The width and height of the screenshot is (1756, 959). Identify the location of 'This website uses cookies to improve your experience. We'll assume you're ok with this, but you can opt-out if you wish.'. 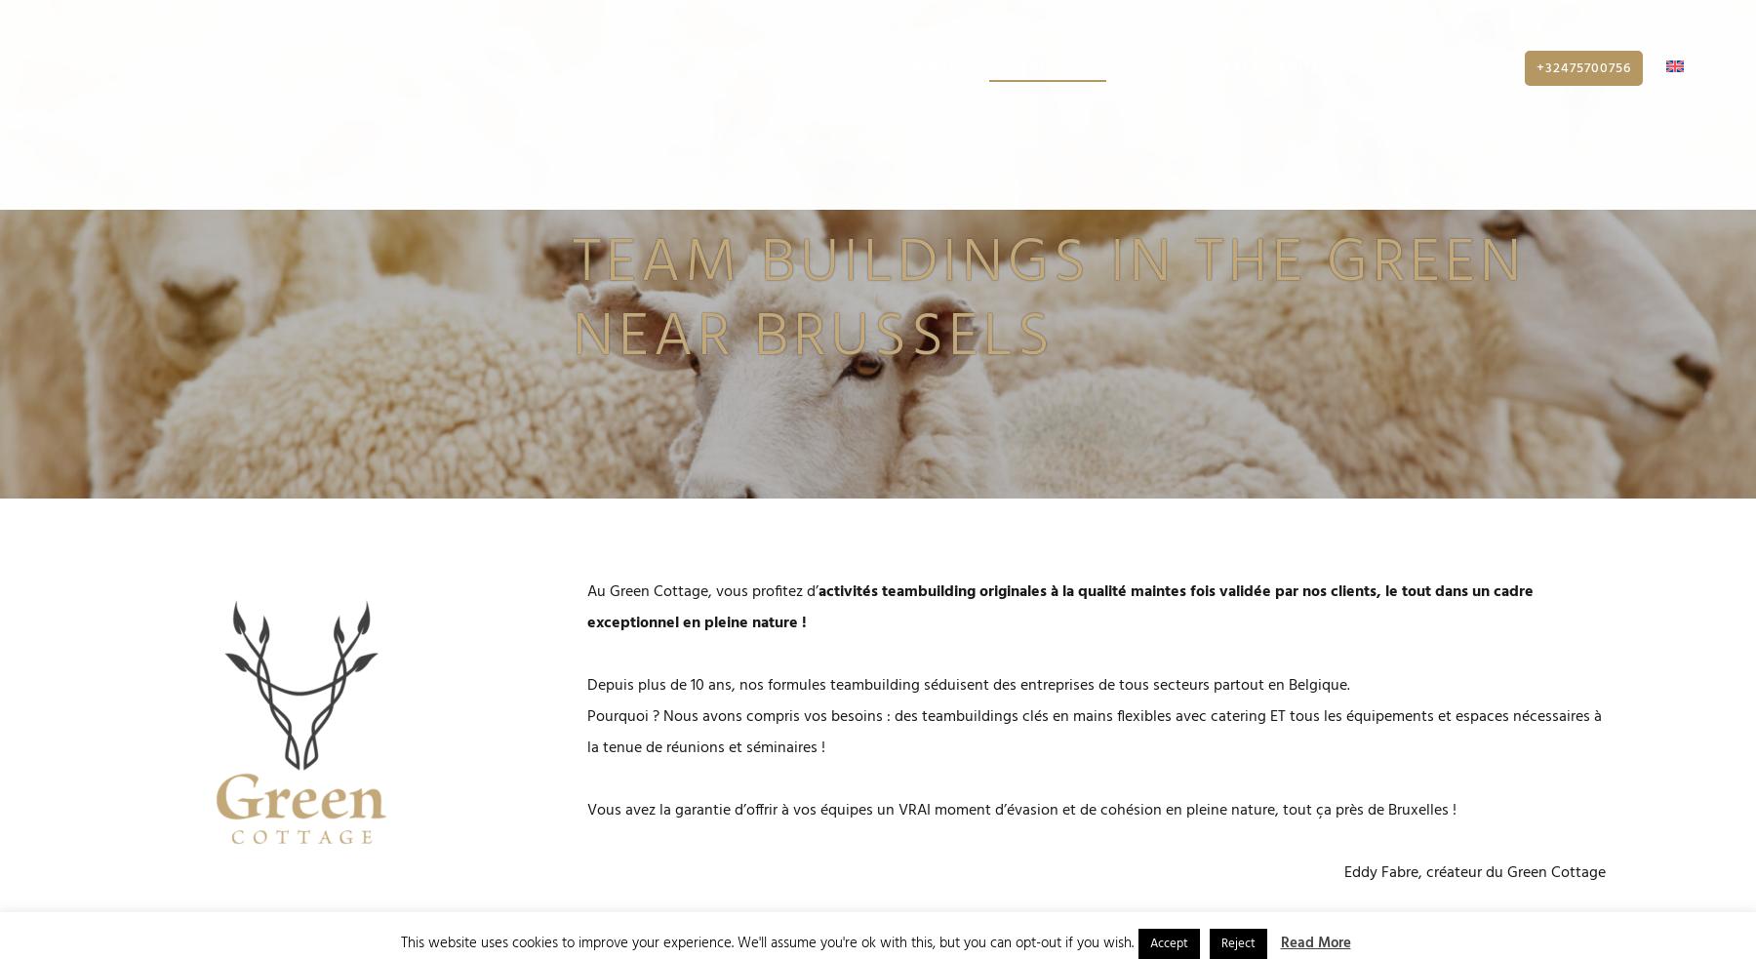
(765, 942).